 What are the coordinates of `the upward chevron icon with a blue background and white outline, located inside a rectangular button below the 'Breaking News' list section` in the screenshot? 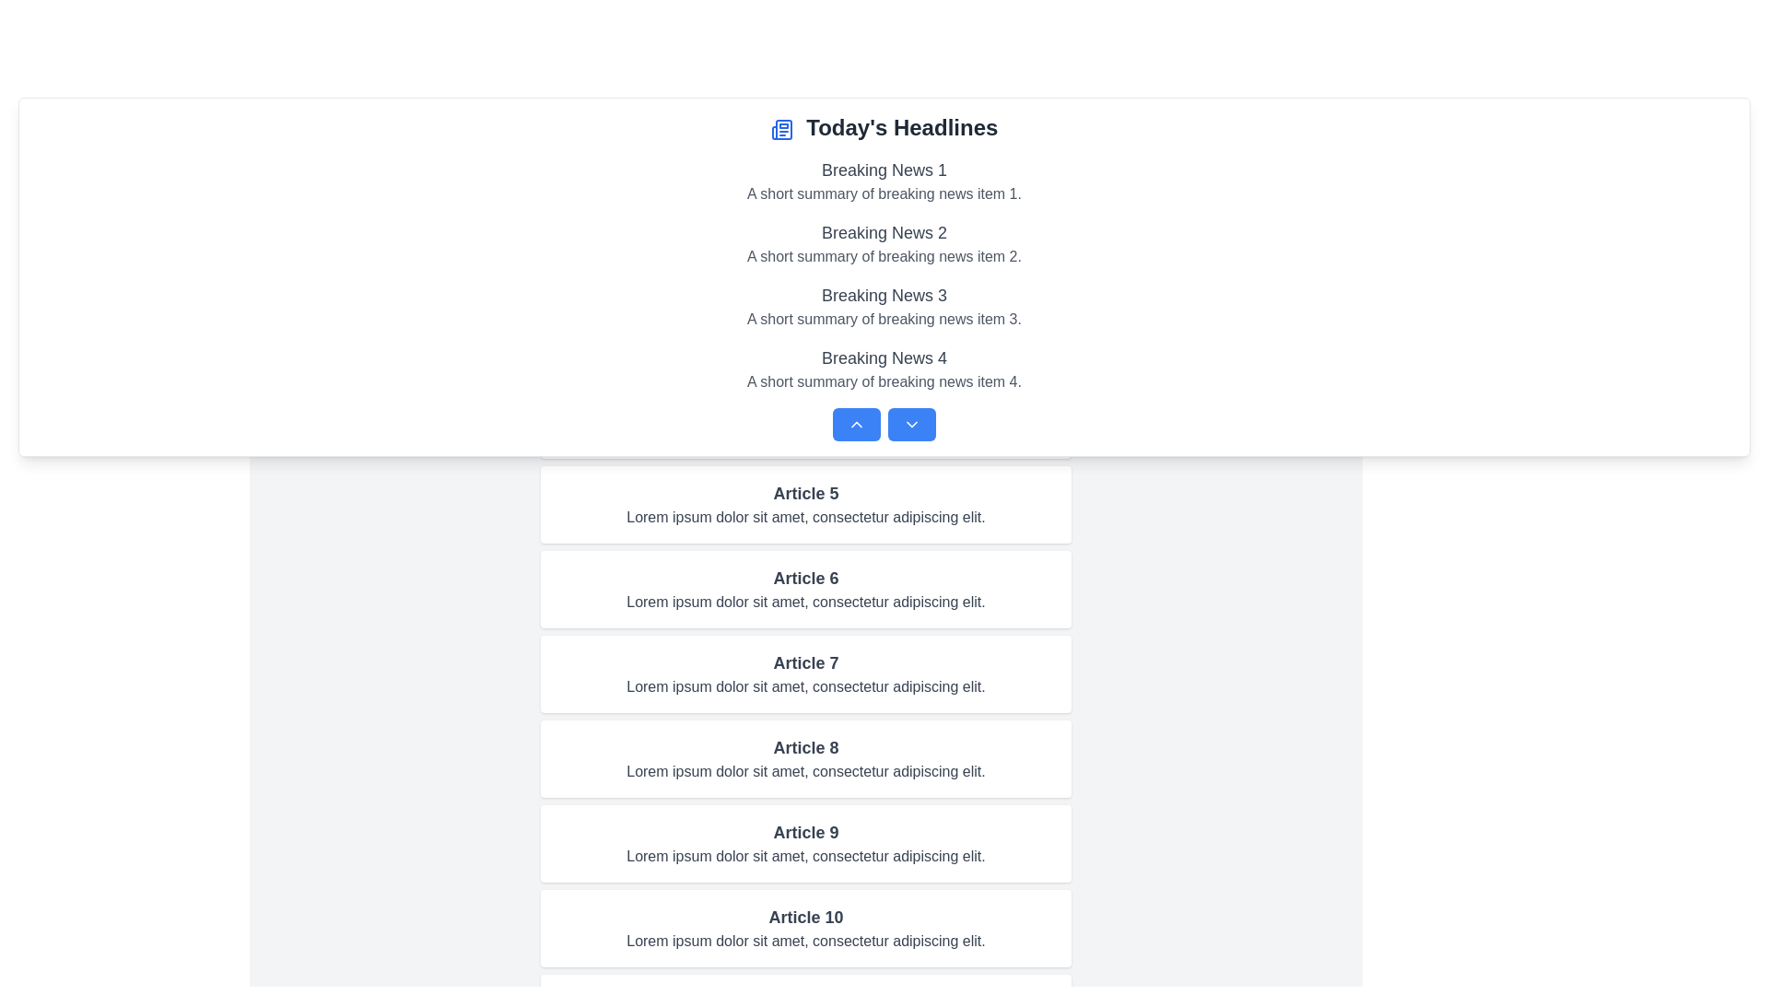 It's located at (856, 425).